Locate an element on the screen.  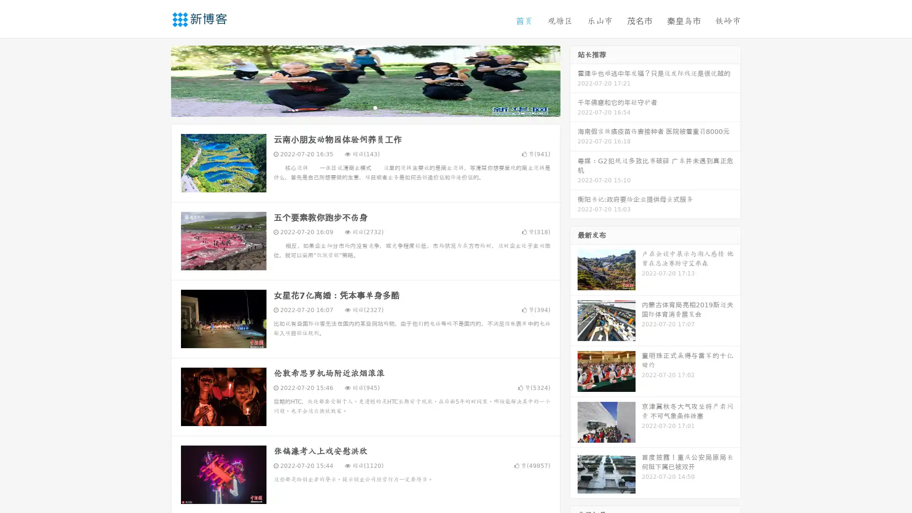
Go to slide 1 is located at coordinates (355, 107).